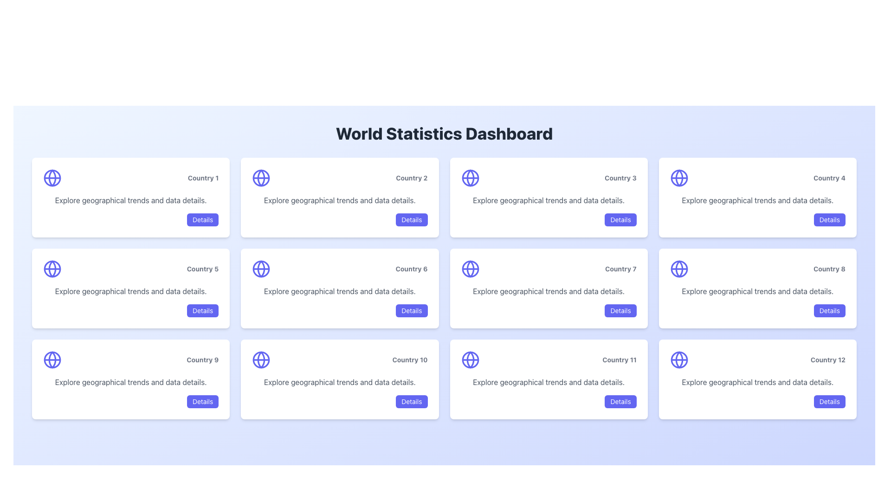 The image size is (891, 501). What do you see at coordinates (261, 178) in the screenshot?
I see `the circular icon within the globe icon associated with the 'Country 2' card, which is centrally positioned in the globe graphic` at bounding box center [261, 178].